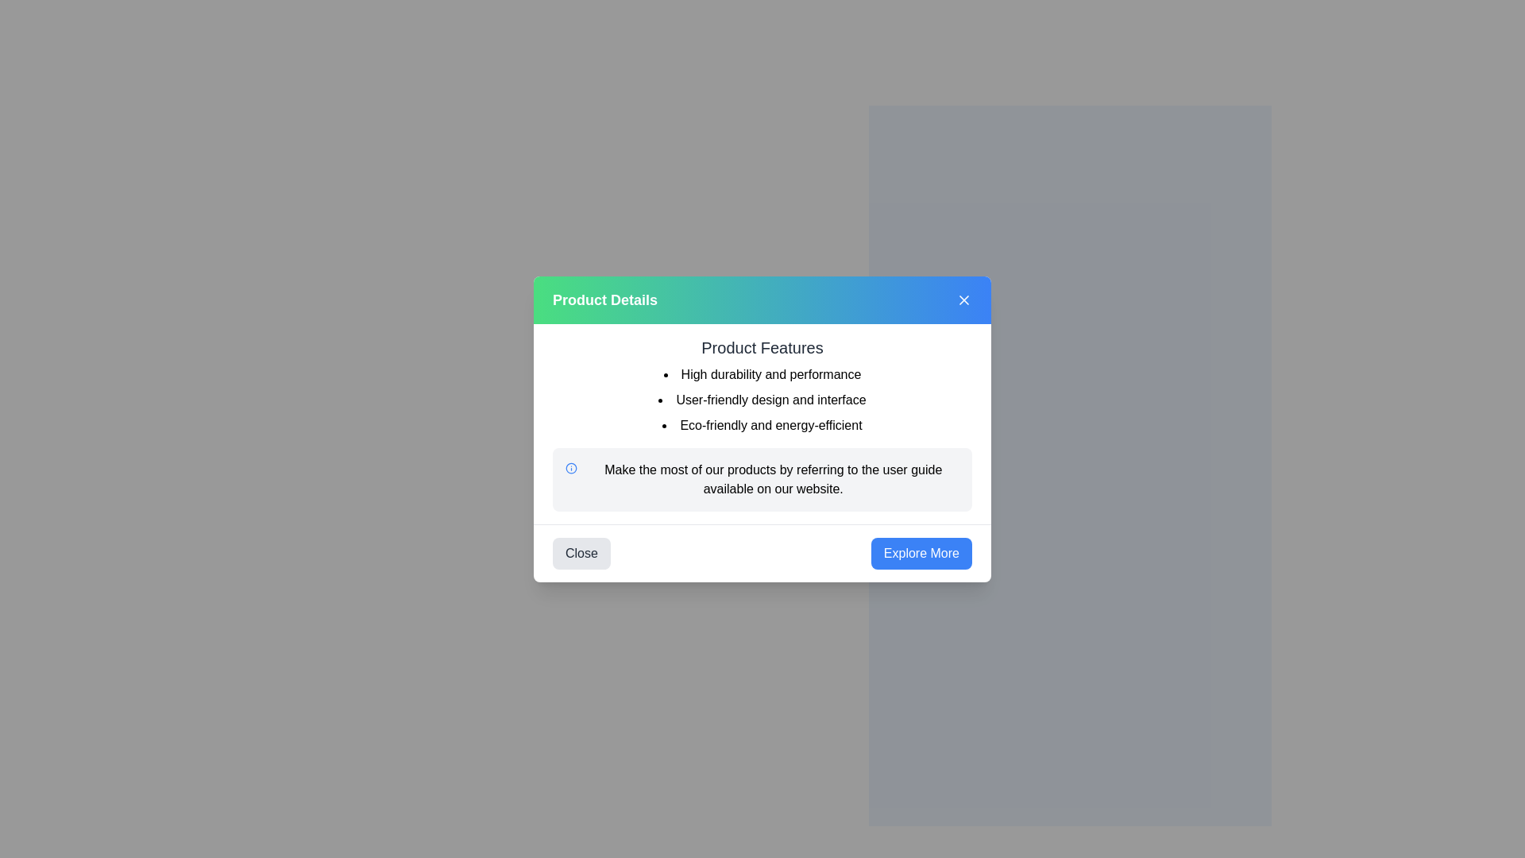 Image resolution: width=1525 pixels, height=858 pixels. Describe the element at coordinates (762, 385) in the screenshot. I see `the text content element that provides an overview of the main features of the product, located below the 'Product Details' modal title and above additional product information` at that location.